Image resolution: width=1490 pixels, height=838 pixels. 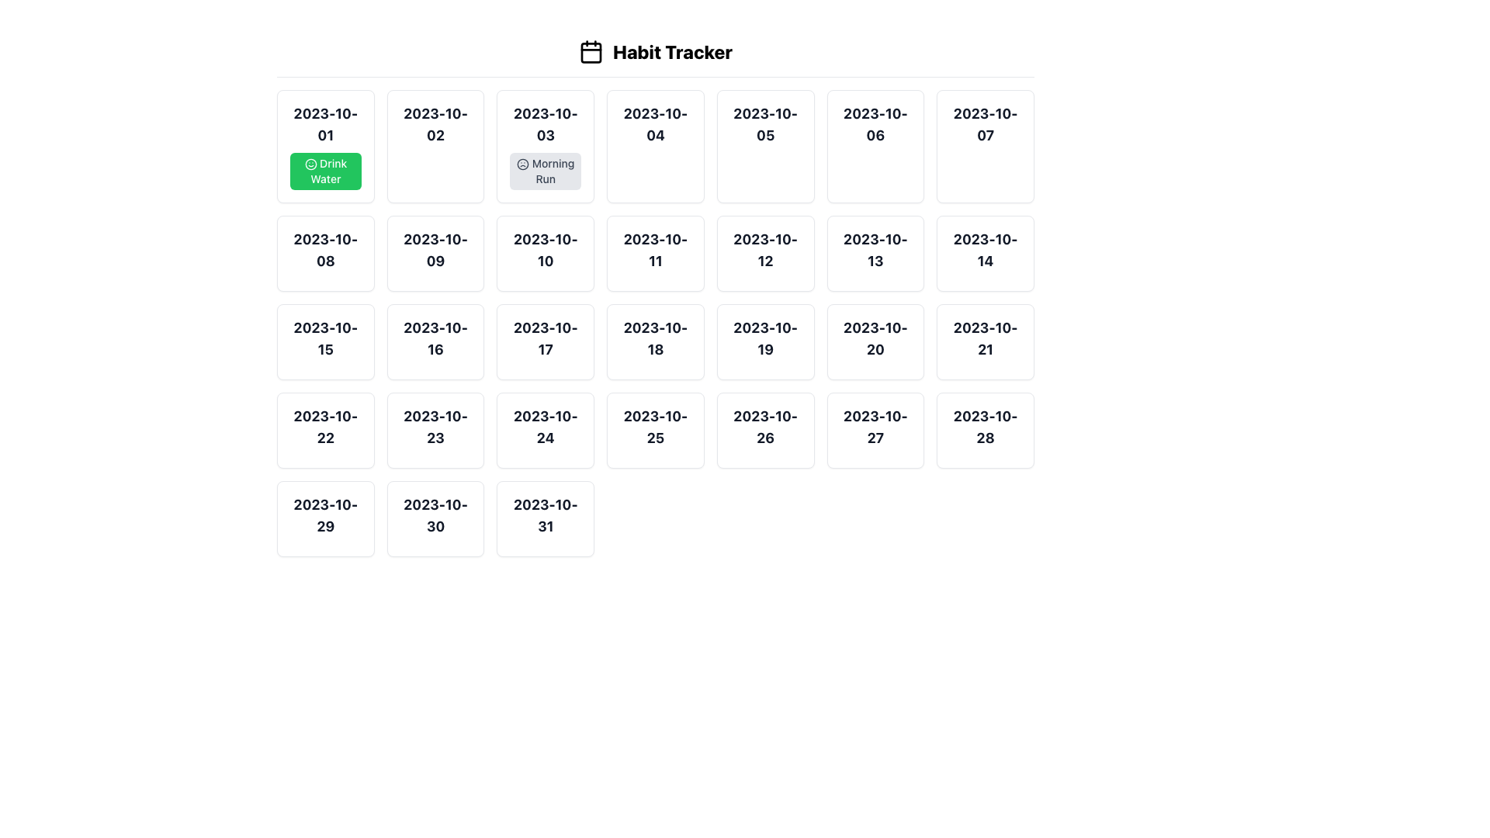 What do you see at coordinates (875, 124) in the screenshot?
I see `the bold date text '2023-10-06' located in the sixth cell of the first row in a grid layout` at bounding box center [875, 124].